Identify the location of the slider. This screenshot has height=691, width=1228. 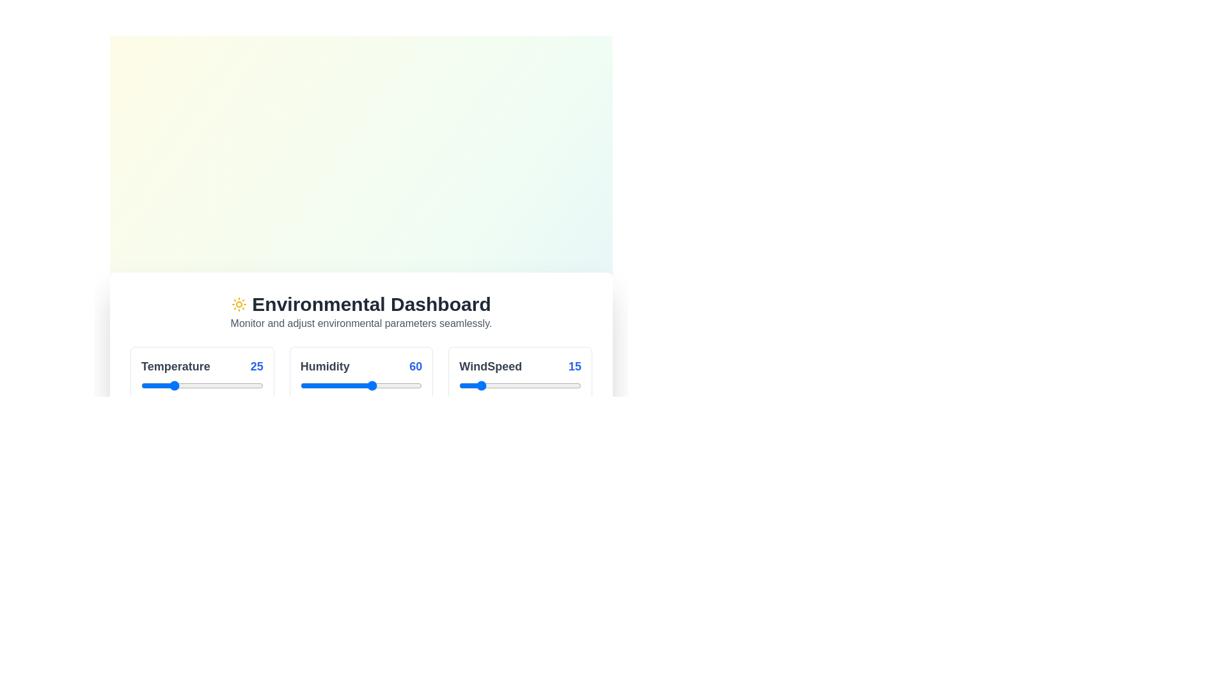
(203, 385).